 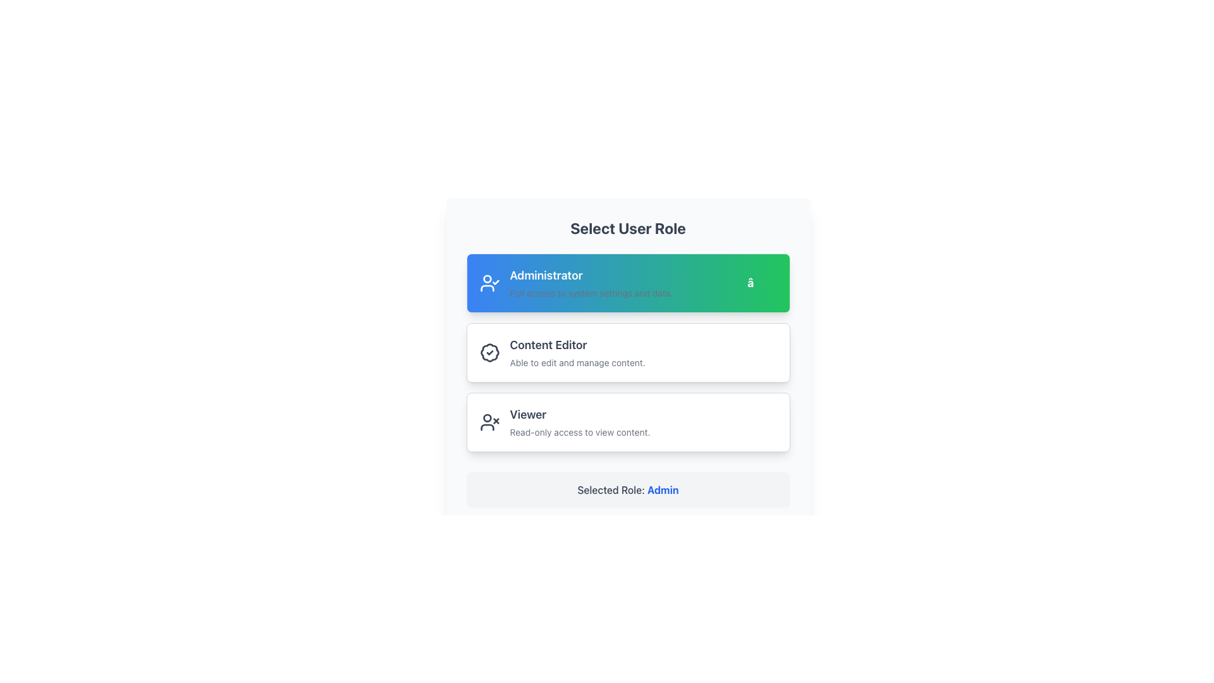 What do you see at coordinates (548, 345) in the screenshot?
I see `the 'Content Editor' title text label, which identifies the role to the user in the role selection interface` at bounding box center [548, 345].